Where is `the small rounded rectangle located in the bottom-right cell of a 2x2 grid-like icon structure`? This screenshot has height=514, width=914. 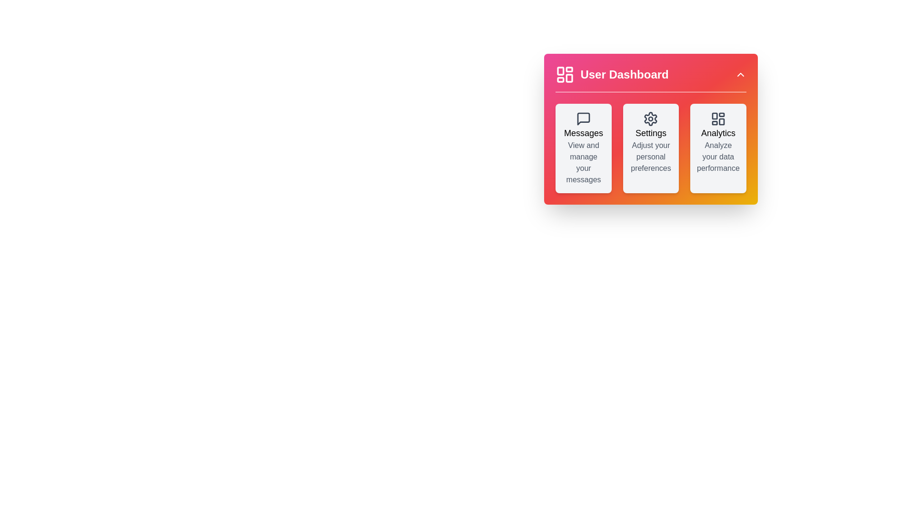
the small rounded rectangle located in the bottom-right cell of a 2x2 grid-like icon structure is located at coordinates (722, 121).